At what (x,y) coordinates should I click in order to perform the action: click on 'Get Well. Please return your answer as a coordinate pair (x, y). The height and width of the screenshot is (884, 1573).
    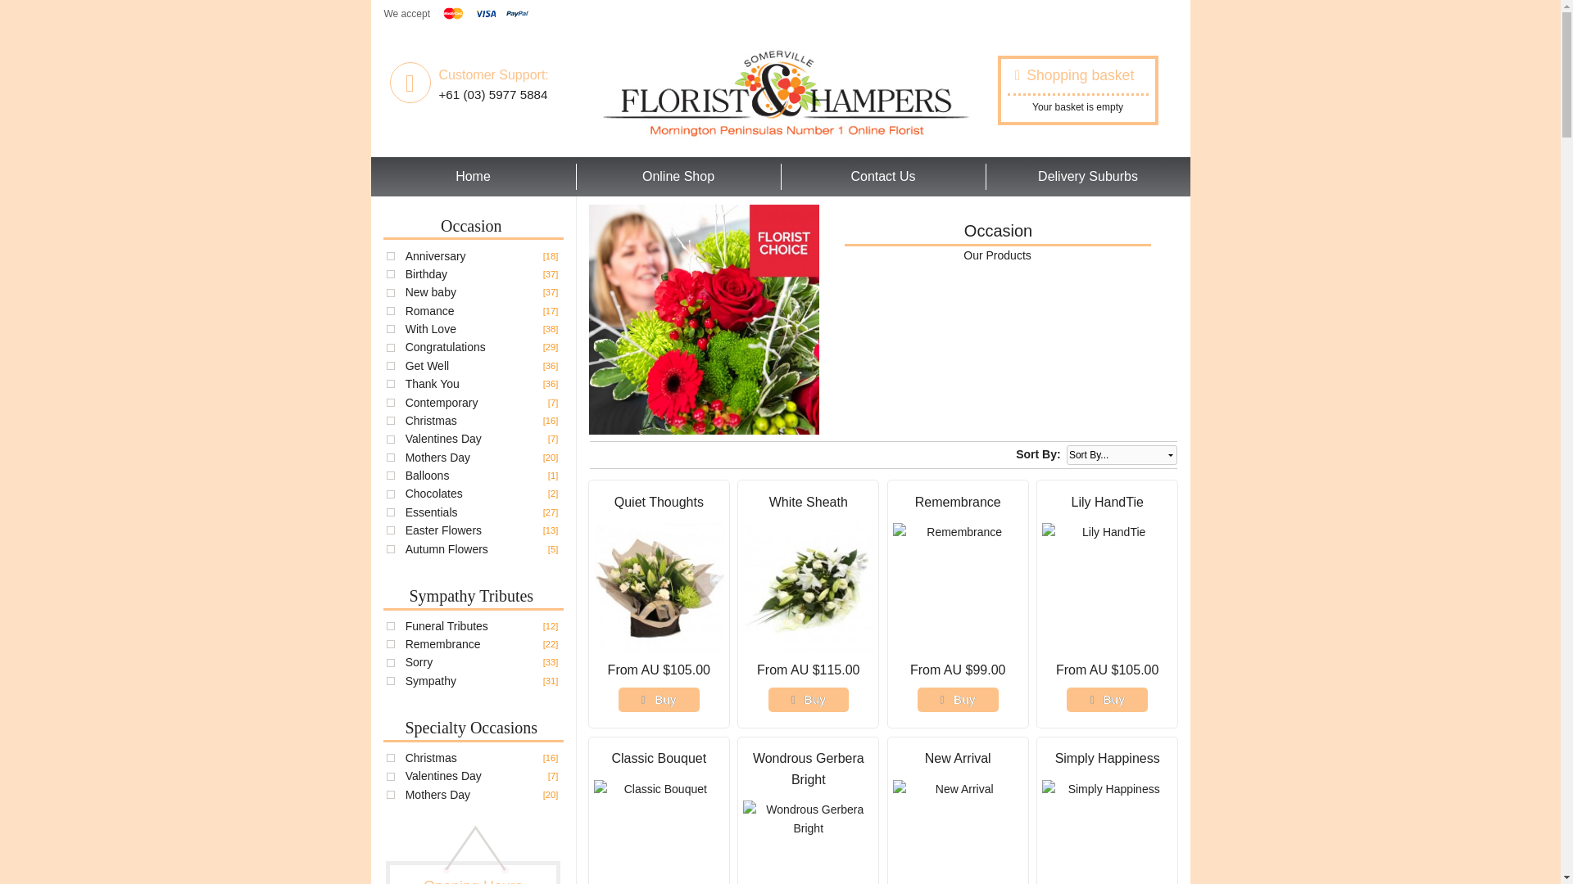
    Looking at the image, I should click on (427, 365).